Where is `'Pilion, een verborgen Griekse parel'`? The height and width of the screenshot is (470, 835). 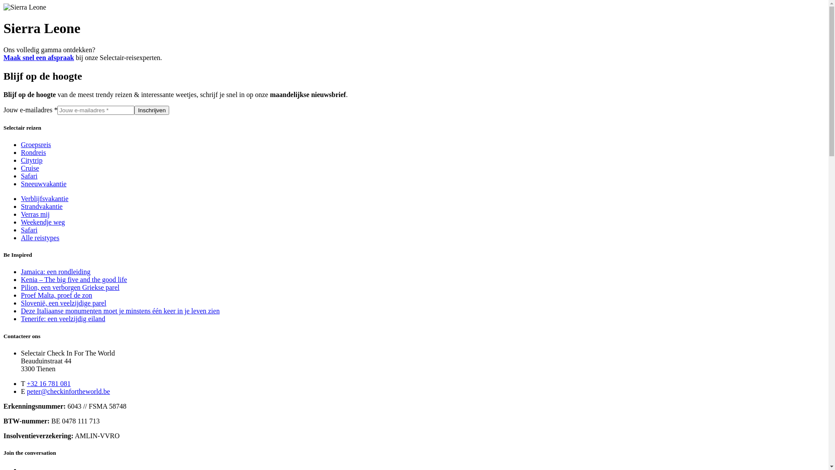
'Pilion, een verborgen Griekse parel' is located at coordinates (70, 287).